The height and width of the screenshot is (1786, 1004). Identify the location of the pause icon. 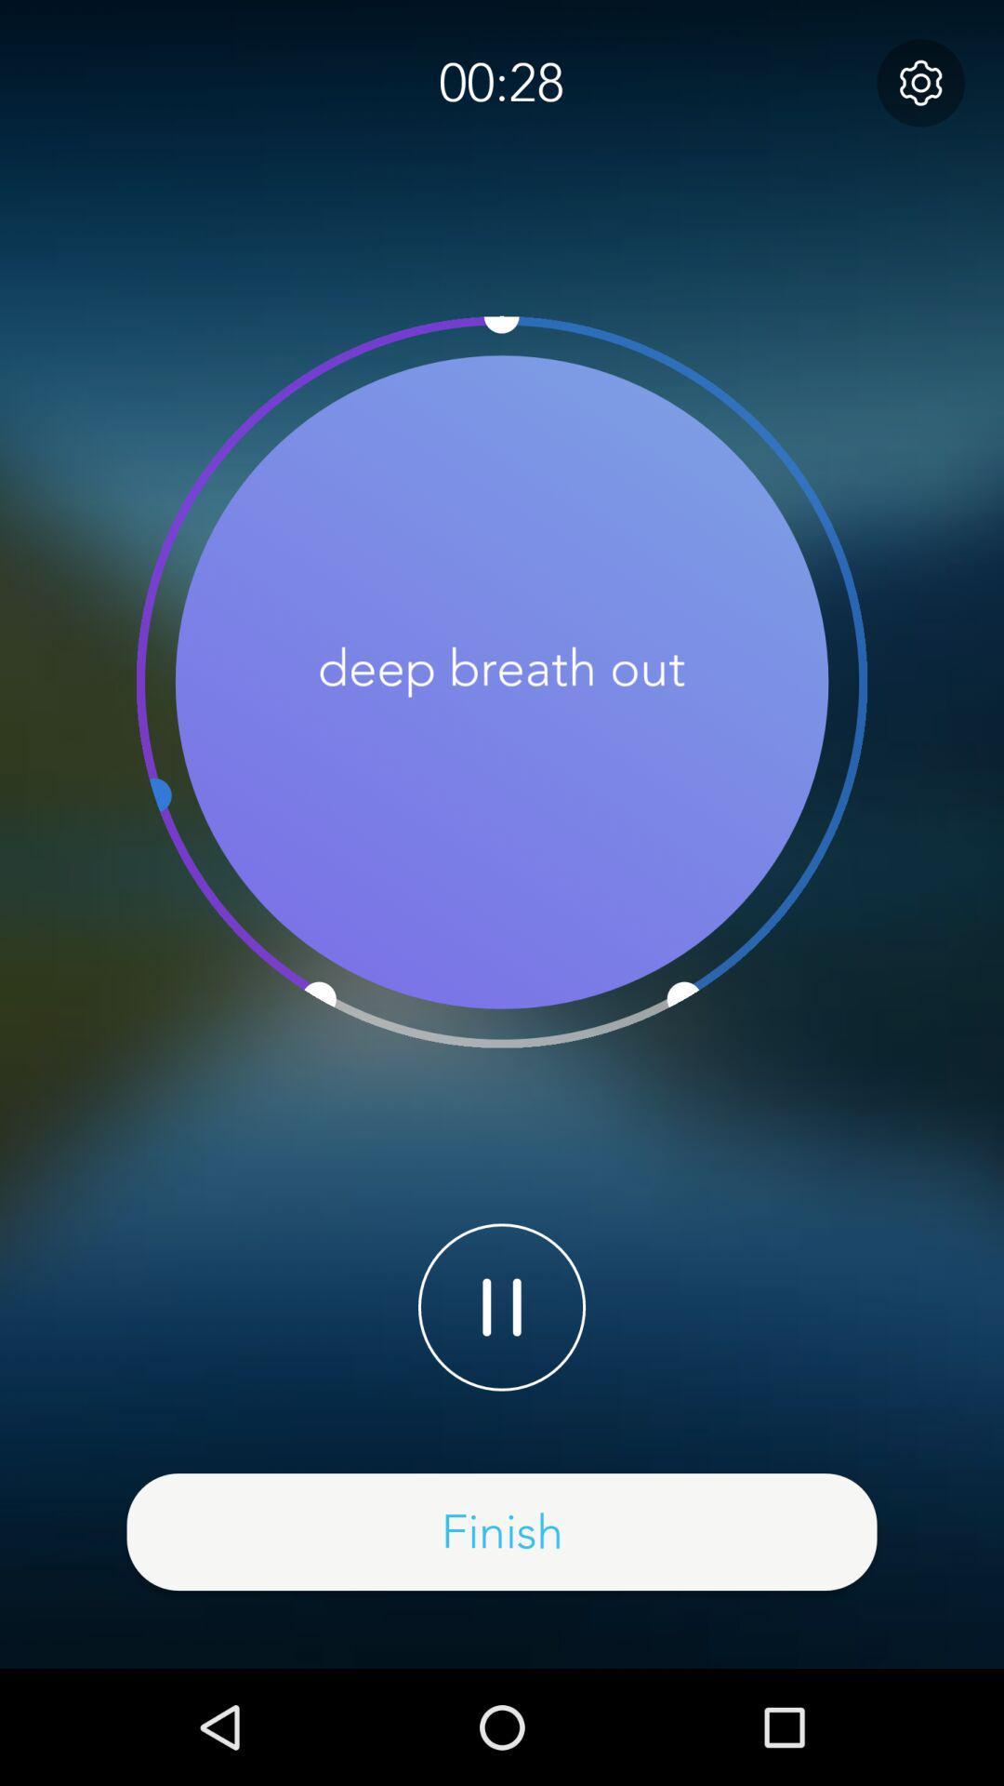
(502, 1306).